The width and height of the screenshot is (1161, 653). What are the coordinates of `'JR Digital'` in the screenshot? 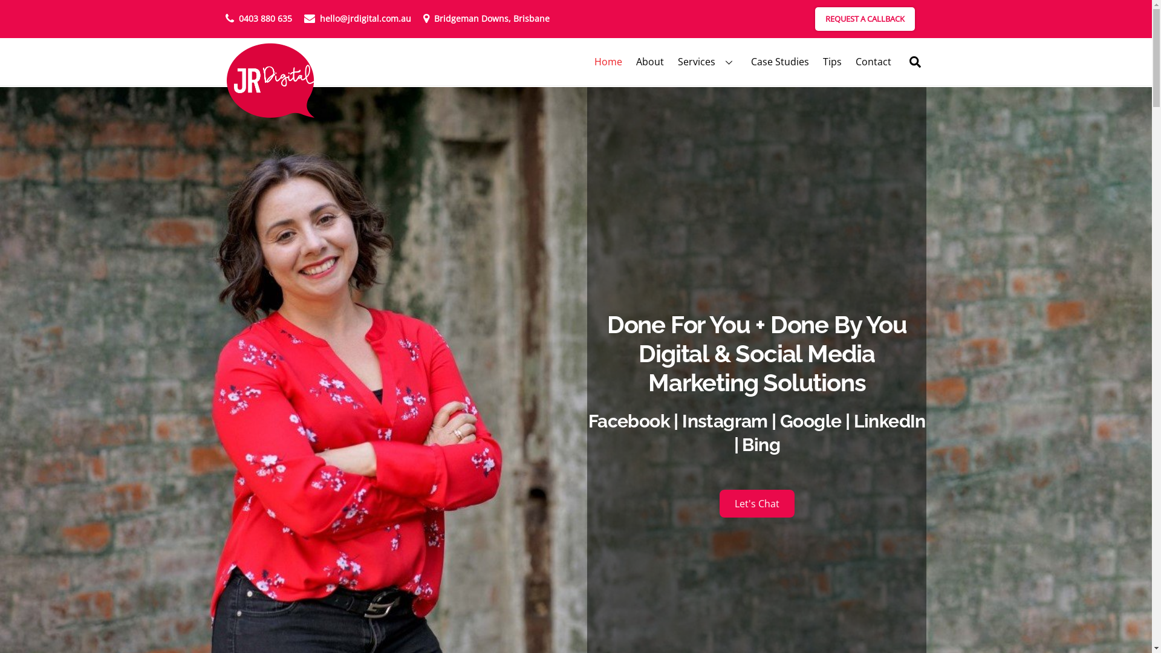 It's located at (269, 80).